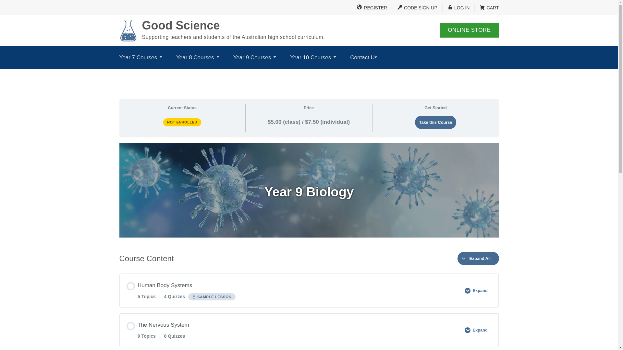 This screenshot has width=623, height=350. I want to click on 'LOG IN', so click(456, 8).